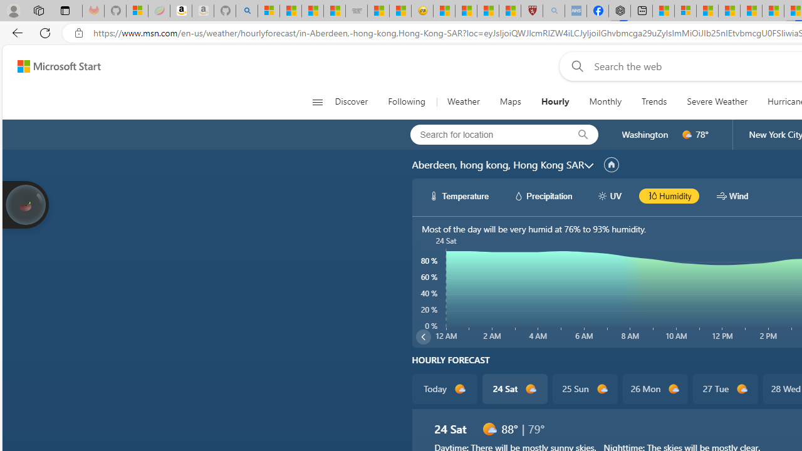  Describe the element at coordinates (25, 203) in the screenshot. I see `'Join us in planting real trees to help our planet!'` at that location.